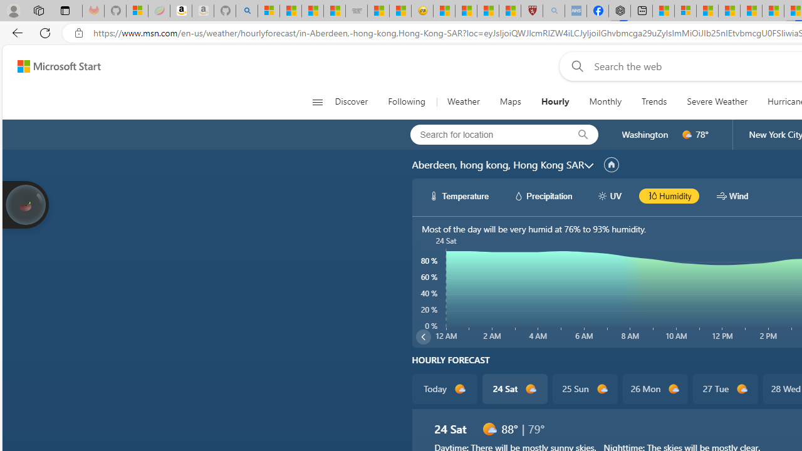  Describe the element at coordinates (25, 203) in the screenshot. I see `'Join us in planting real trees to help our planet!'` at that location.